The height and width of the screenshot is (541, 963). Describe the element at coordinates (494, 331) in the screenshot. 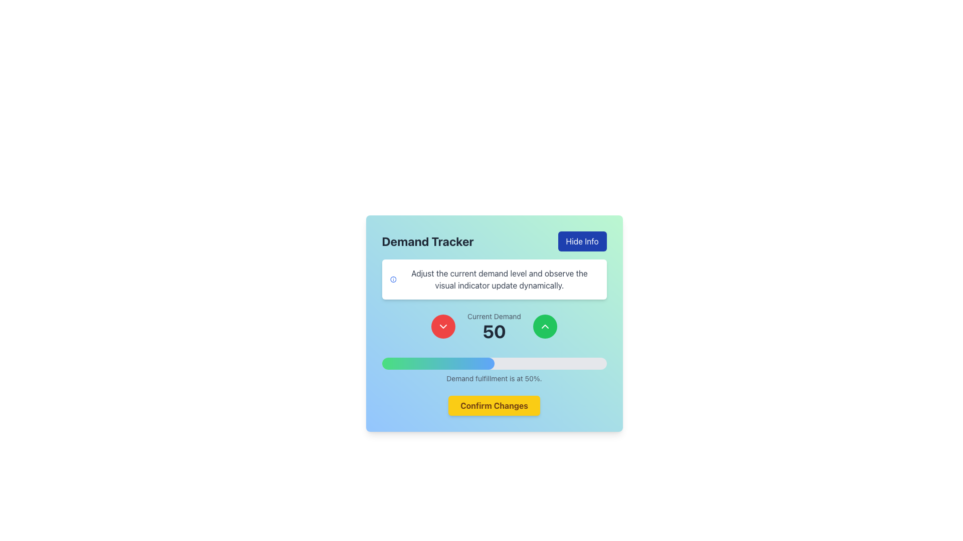

I see `the Text Display element that presents the current numerical value for demand level, located between the red downward and green upward buttons within the 'Current Demand' section` at that location.